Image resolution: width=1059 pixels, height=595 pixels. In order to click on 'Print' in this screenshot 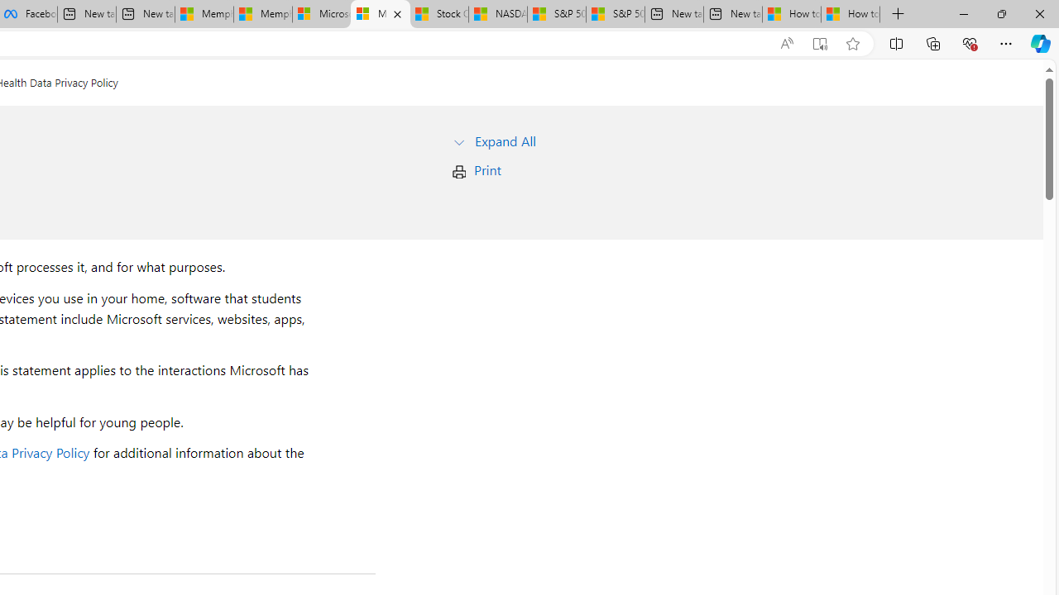, I will do `click(486, 169)`.